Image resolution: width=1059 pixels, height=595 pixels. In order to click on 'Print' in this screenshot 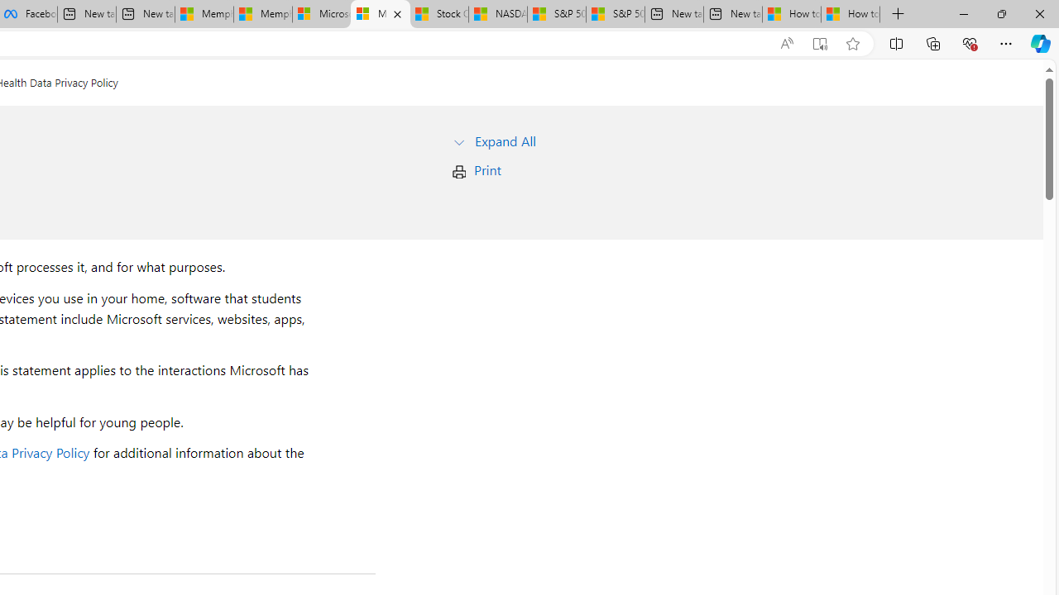, I will do `click(486, 169)`.